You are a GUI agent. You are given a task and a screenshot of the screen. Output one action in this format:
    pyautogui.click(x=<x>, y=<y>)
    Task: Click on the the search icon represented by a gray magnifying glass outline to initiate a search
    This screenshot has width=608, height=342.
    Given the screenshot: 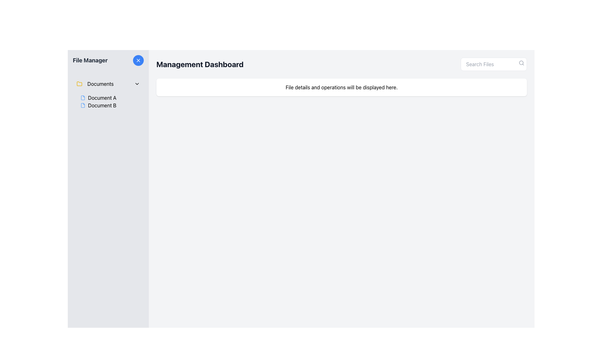 What is the action you would take?
    pyautogui.click(x=521, y=63)
    